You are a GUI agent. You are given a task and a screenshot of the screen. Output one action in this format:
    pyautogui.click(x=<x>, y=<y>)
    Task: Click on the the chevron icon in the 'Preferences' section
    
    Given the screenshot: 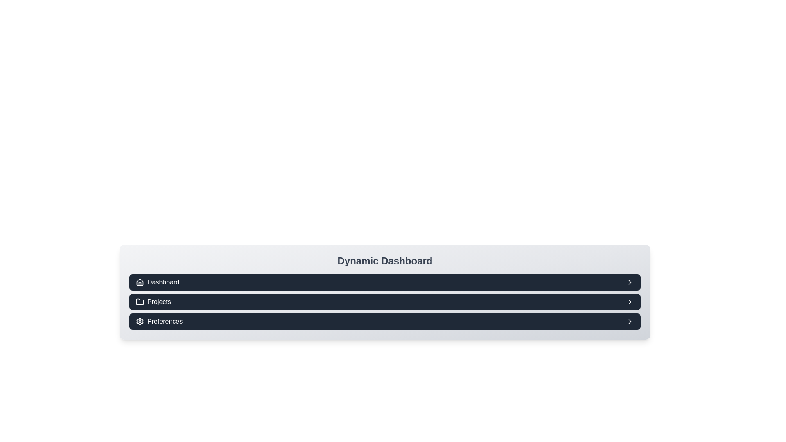 What is the action you would take?
    pyautogui.click(x=630, y=302)
    